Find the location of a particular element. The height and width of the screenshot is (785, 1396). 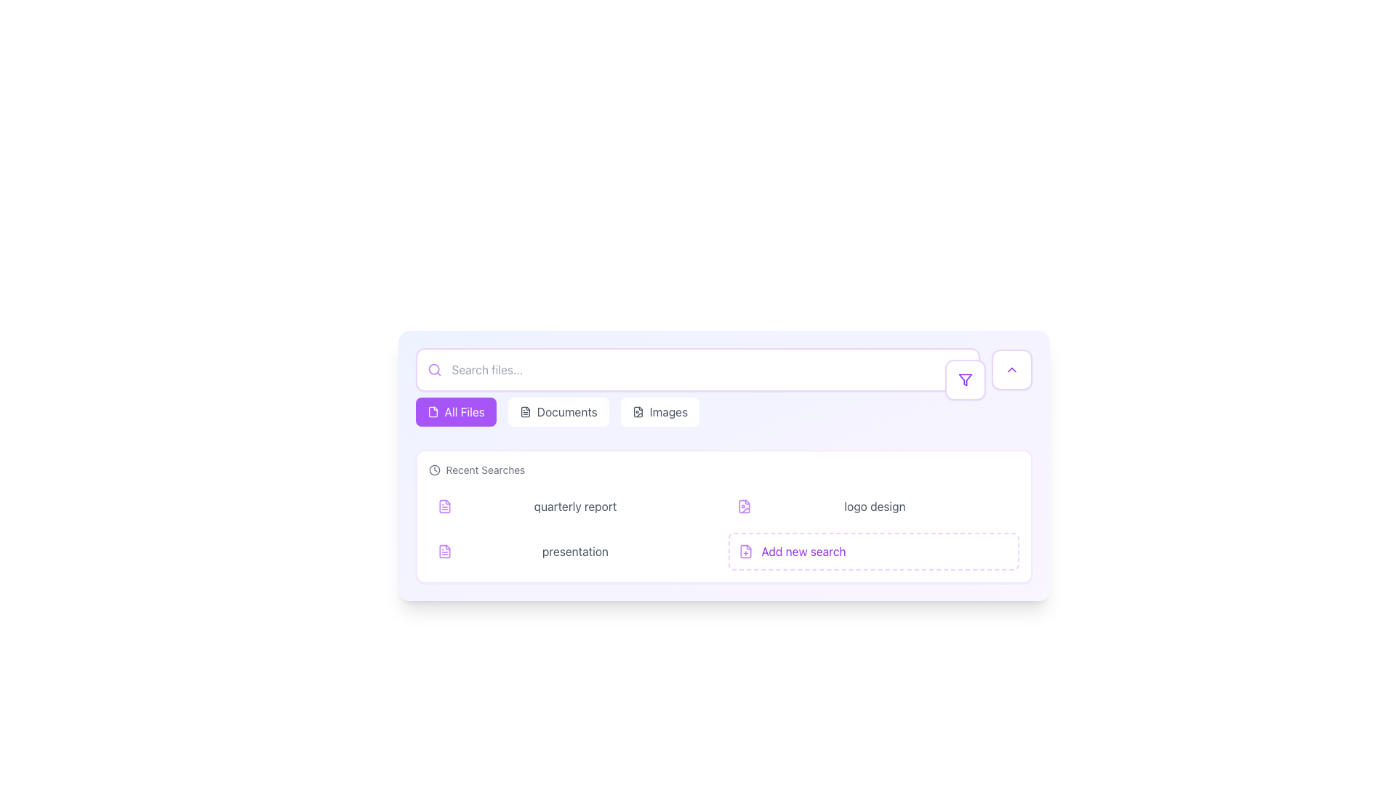

heading text of the Text Label located to the right of the clock icon in the recent searches section is located at coordinates (485, 470).